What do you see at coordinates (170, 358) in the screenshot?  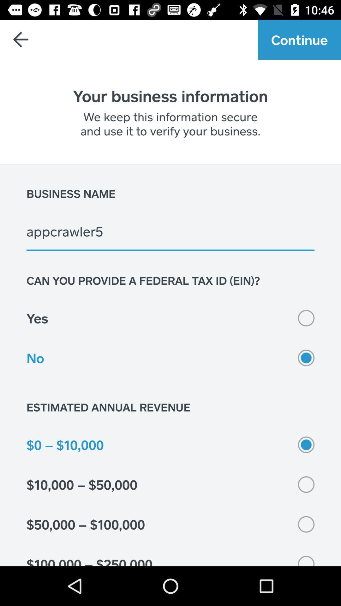 I see `the icon below yes` at bounding box center [170, 358].